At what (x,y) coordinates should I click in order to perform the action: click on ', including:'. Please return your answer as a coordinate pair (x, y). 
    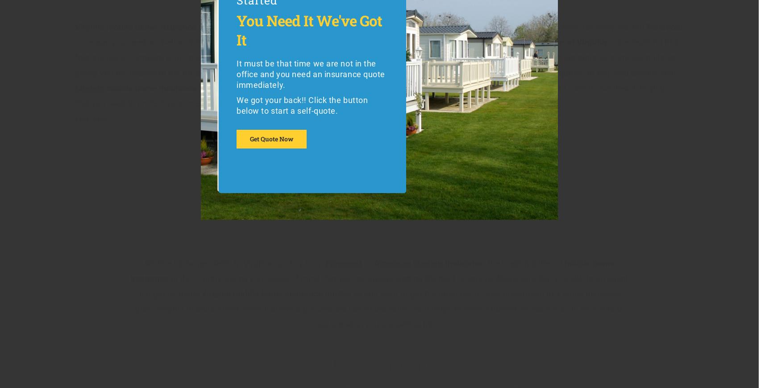
    Looking at the image, I should click on (528, 103).